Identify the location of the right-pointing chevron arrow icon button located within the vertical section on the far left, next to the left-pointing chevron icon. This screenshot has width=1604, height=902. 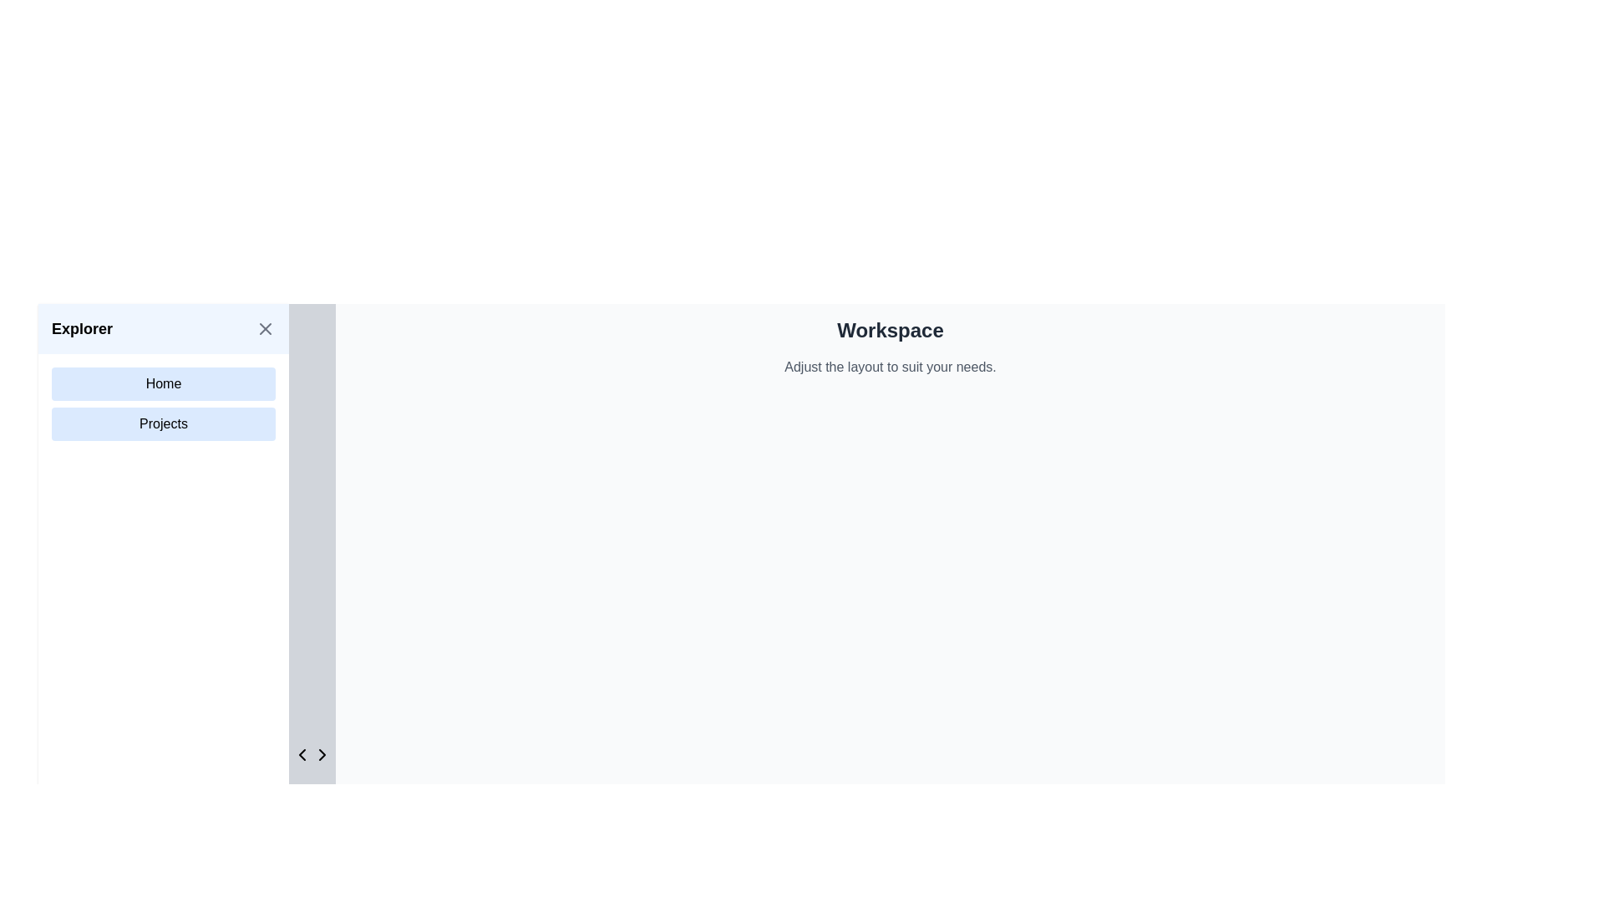
(322, 754).